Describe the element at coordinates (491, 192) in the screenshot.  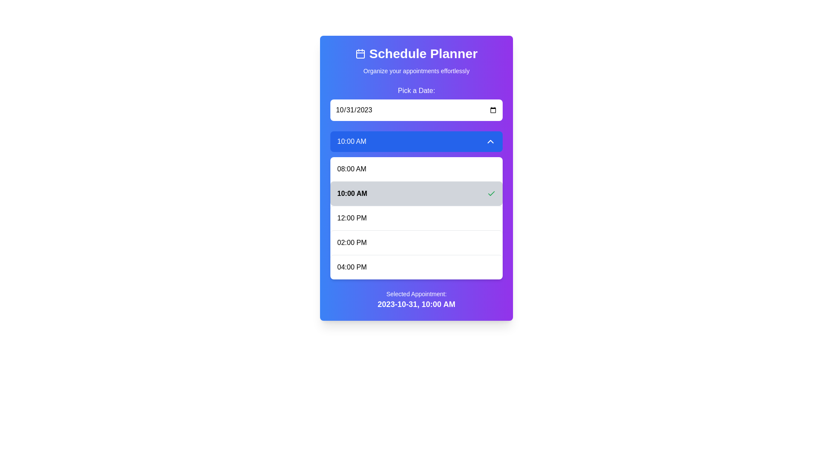
I see `the selection indication provided by the green checkmark icon within the 10:00 AM time block in the time selection dropdown` at that location.